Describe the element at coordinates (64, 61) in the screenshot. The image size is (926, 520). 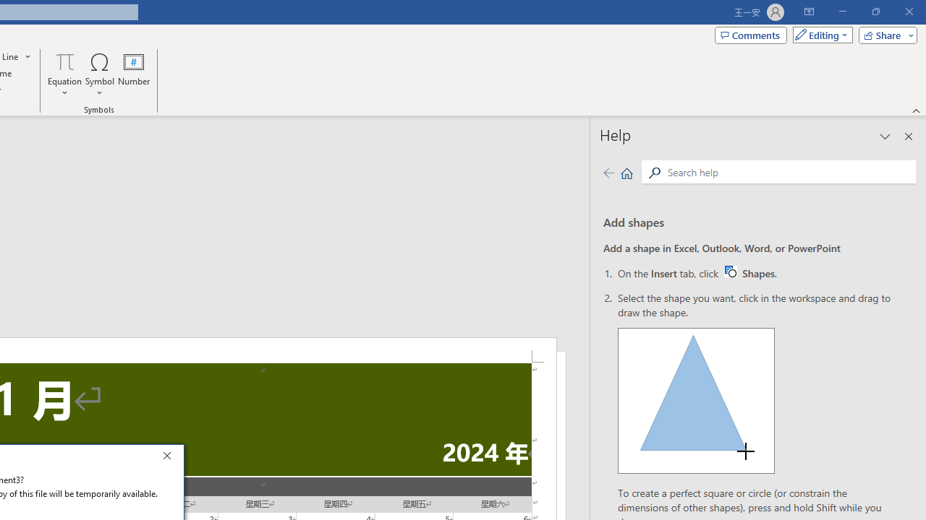
I see `'Equation'` at that location.